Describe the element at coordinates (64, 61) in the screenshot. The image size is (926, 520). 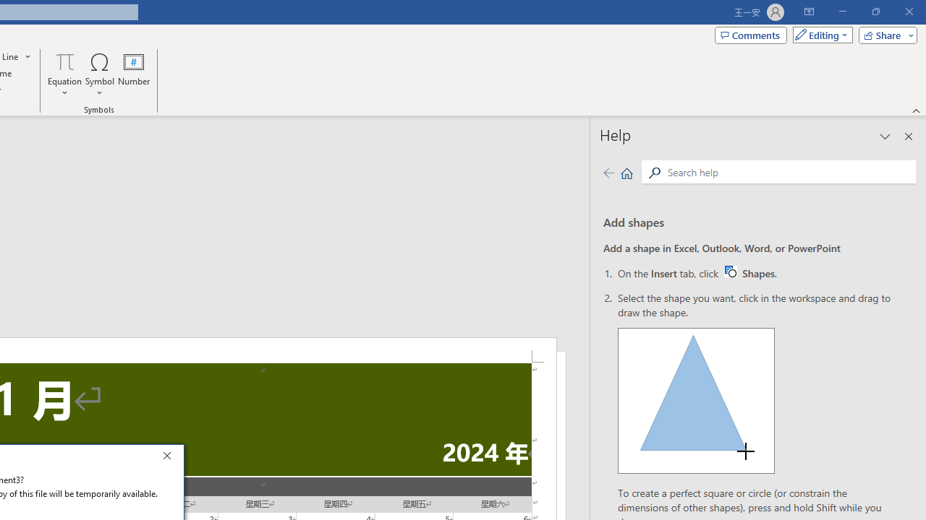
I see `'Equation'` at that location.